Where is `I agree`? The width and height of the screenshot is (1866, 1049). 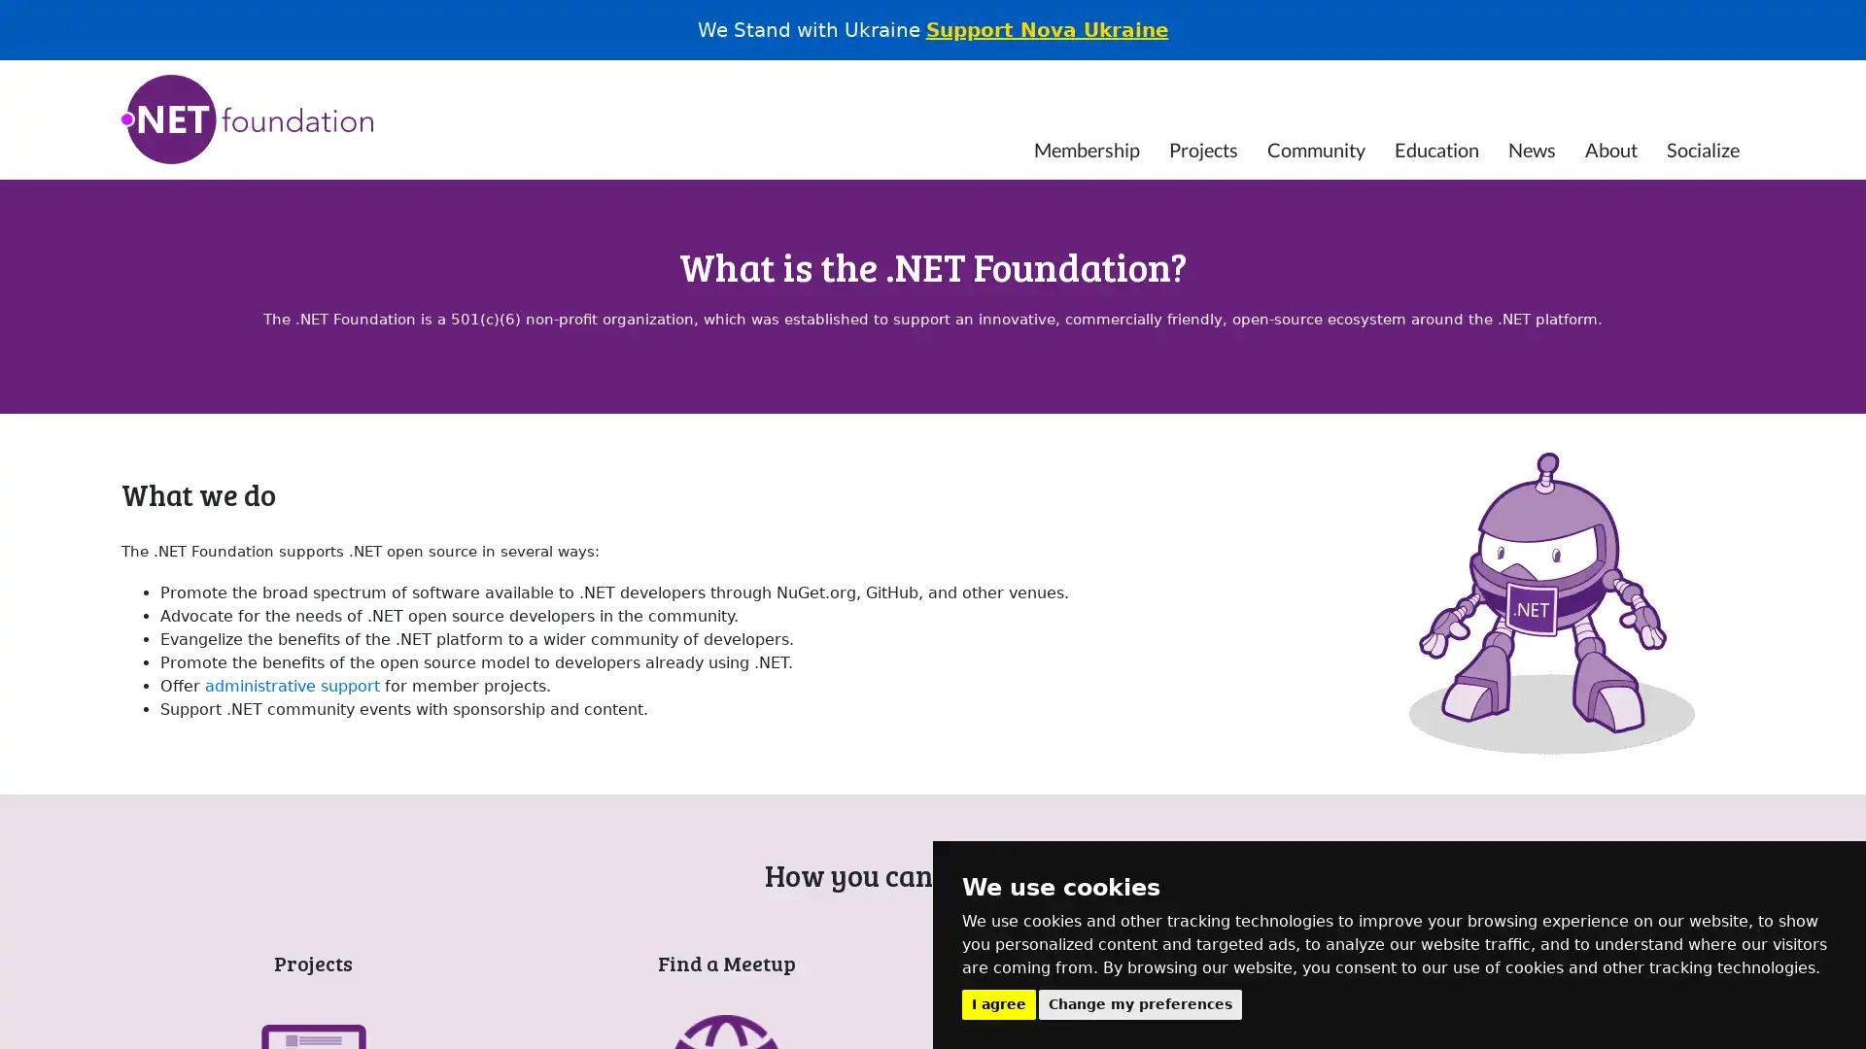 I agree is located at coordinates (998, 1004).